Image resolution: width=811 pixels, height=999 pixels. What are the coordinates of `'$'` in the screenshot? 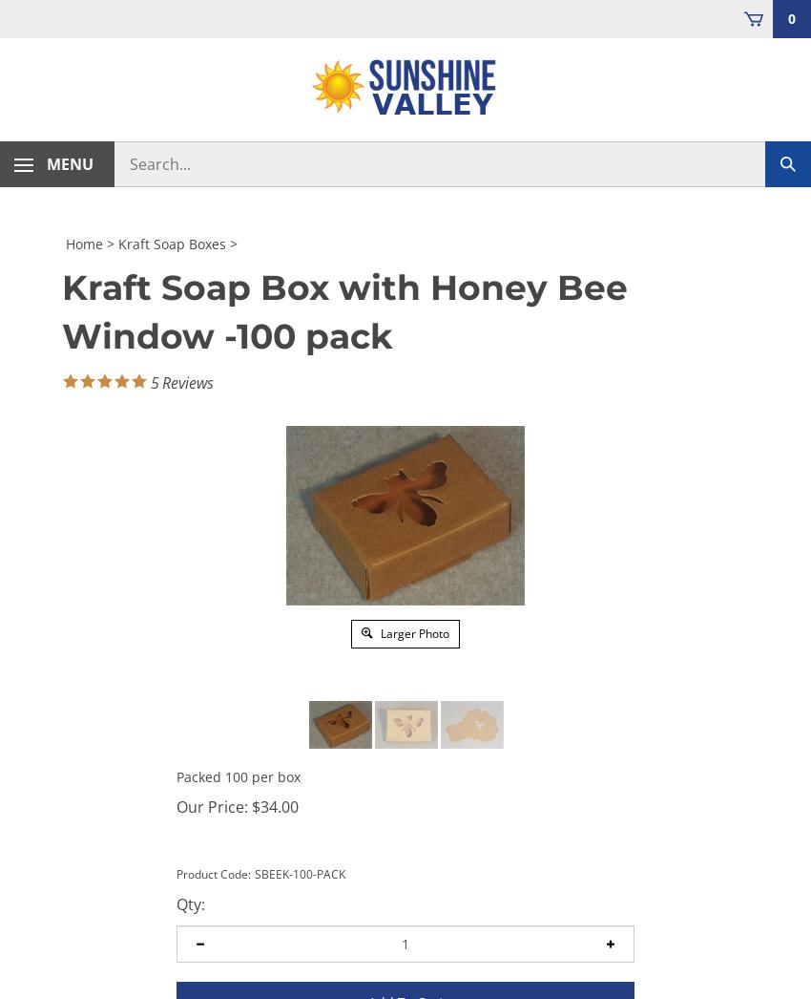 It's located at (253, 805).